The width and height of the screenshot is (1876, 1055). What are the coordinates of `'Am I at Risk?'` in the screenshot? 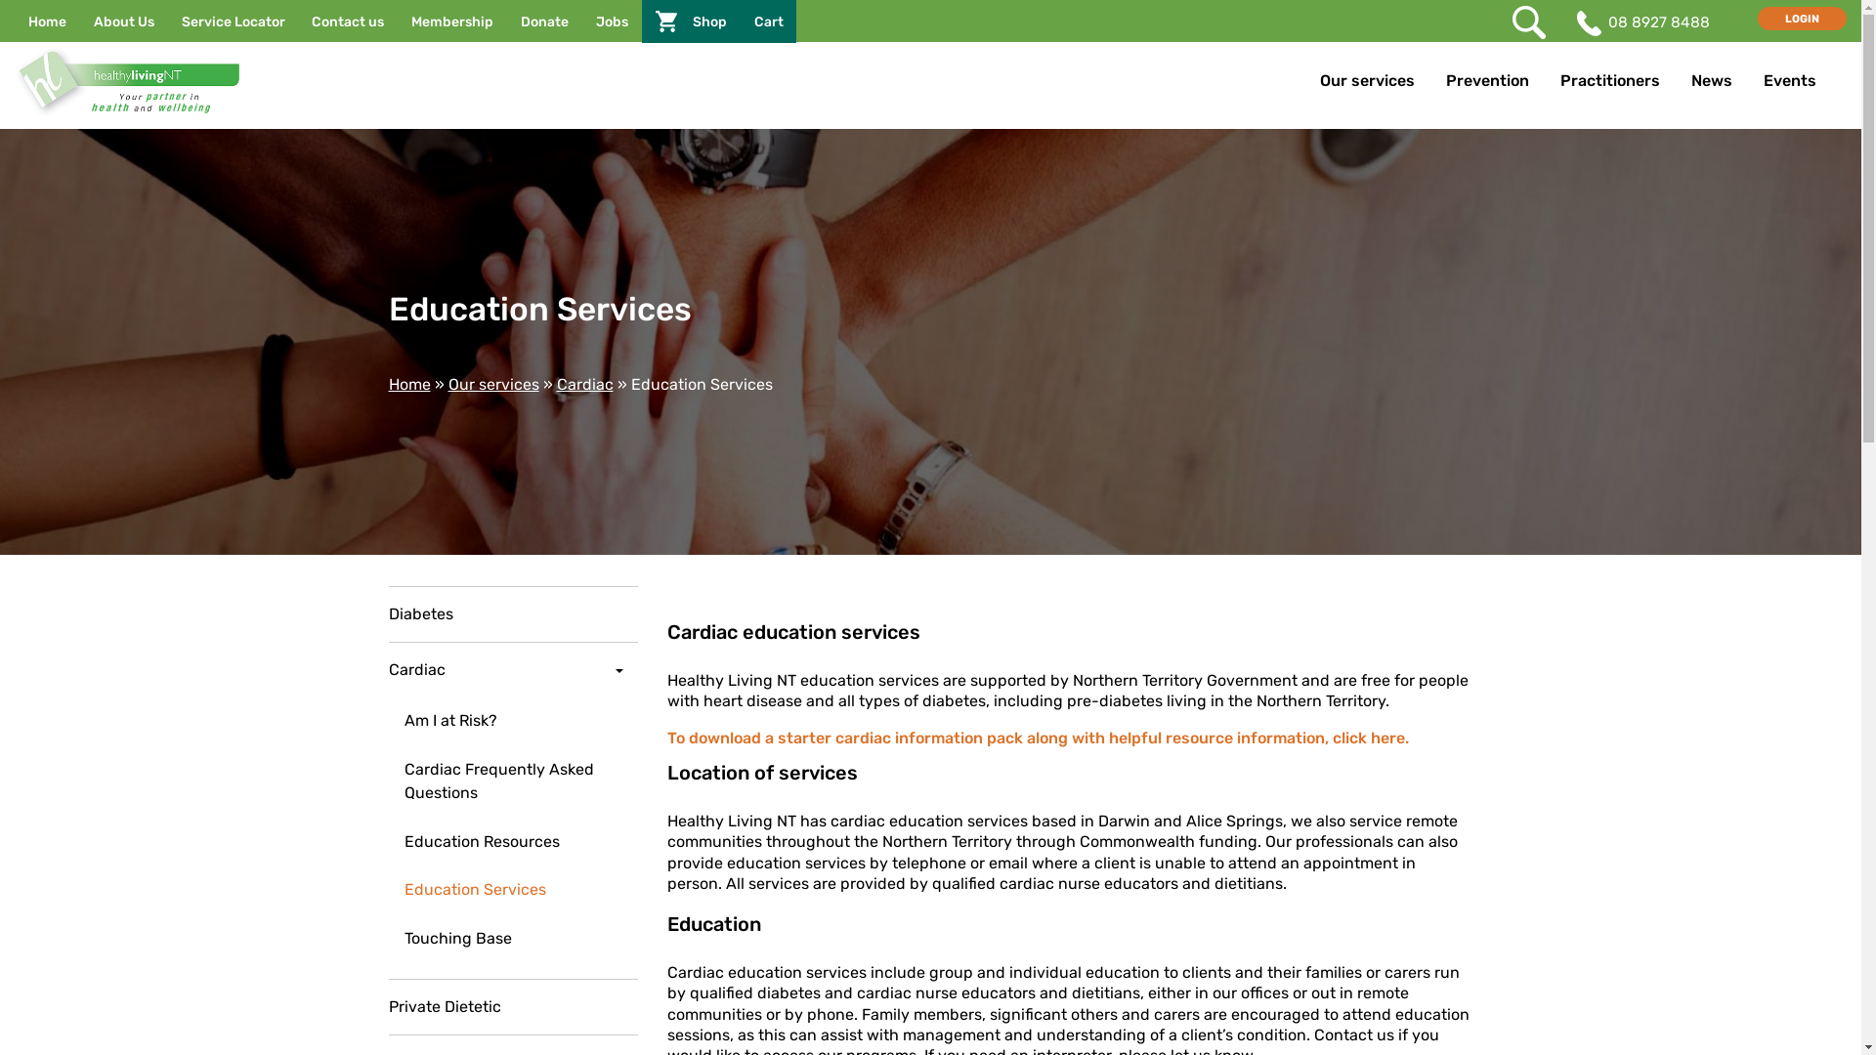 It's located at (513, 722).